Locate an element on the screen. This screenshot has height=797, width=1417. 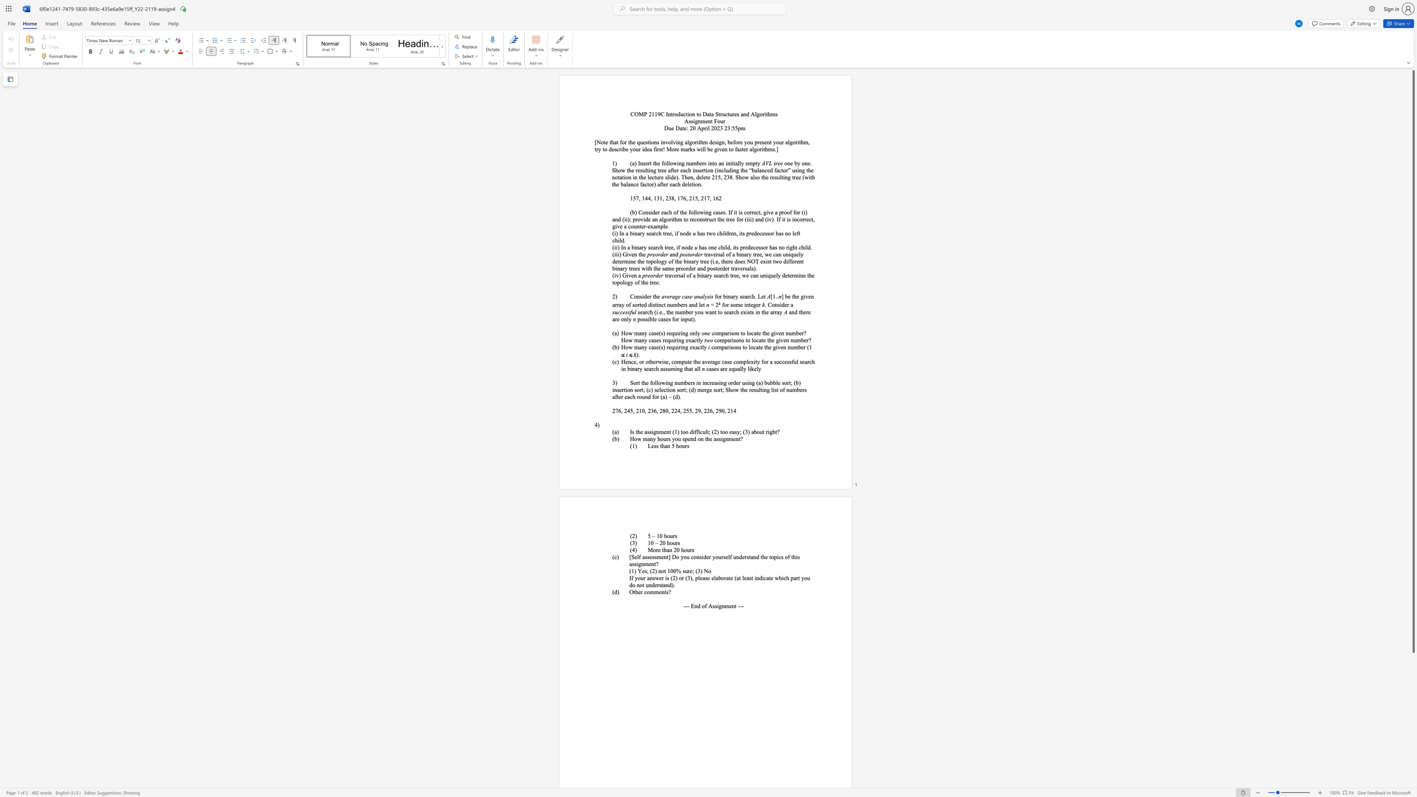
the 1th character "9" in the text is located at coordinates (658, 114).